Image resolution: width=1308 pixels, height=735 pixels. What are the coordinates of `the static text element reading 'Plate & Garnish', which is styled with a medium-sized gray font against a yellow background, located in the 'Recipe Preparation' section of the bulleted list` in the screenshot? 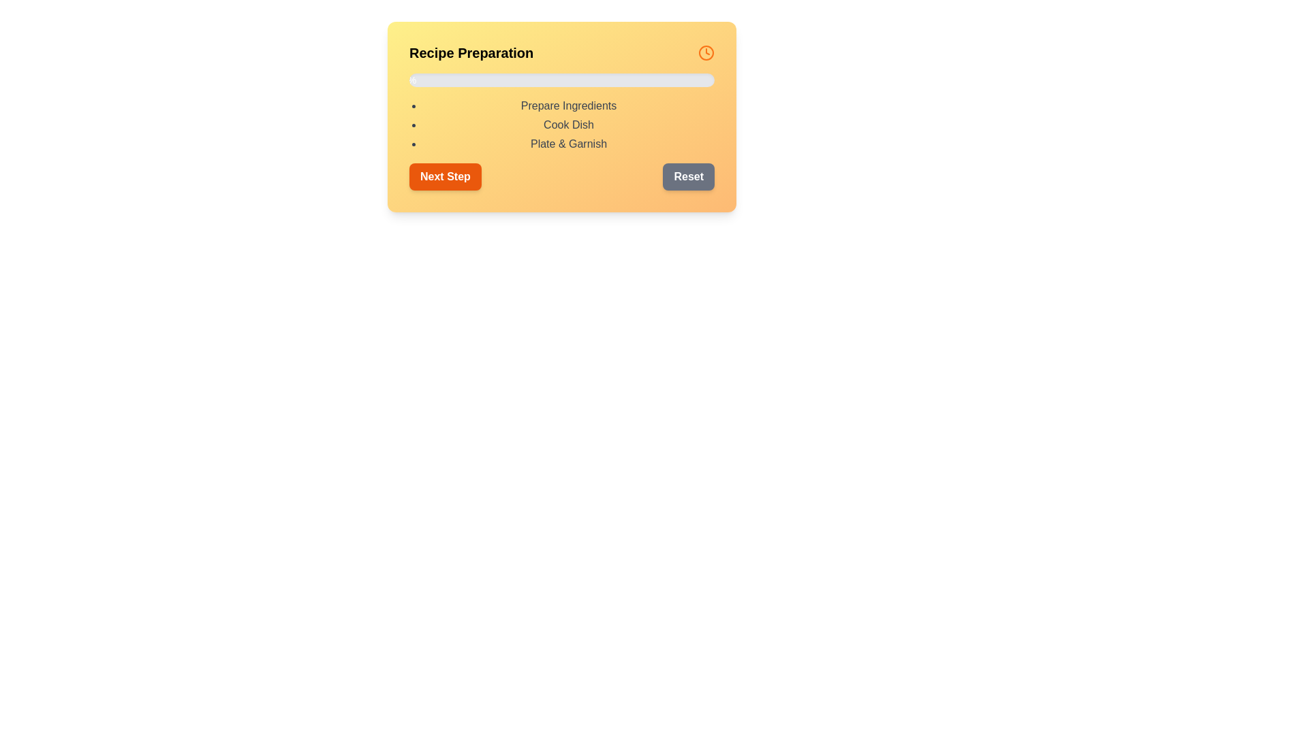 It's located at (569, 144).